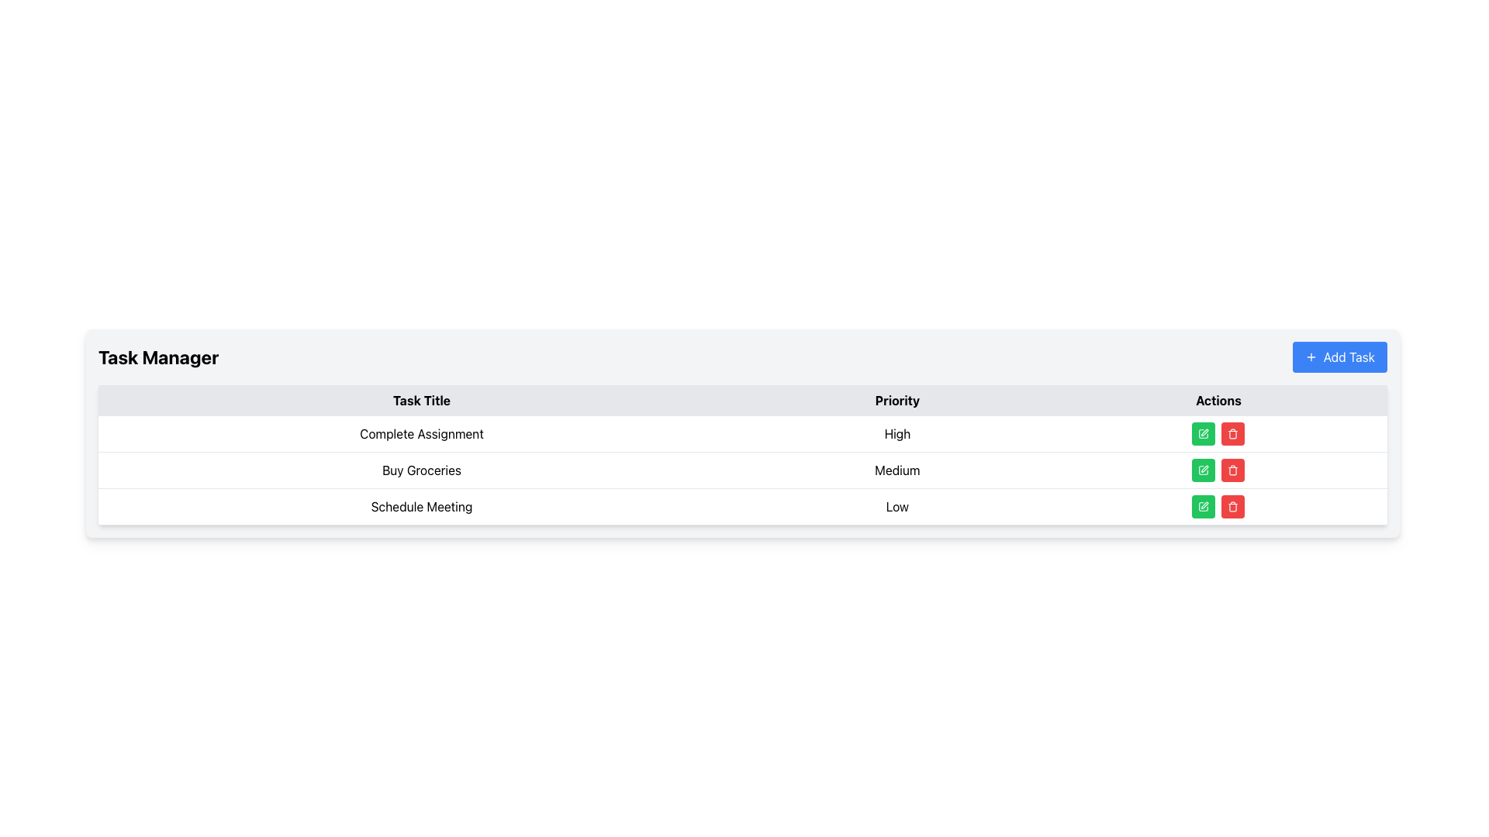 The height and width of the screenshot is (837, 1489). What do you see at coordinates (1203, 469) in the screenshot?
I see `the edit button for the 'Buy Groceries' task located in the 'Actions' column of the table` at bounding box center [1203, 469].